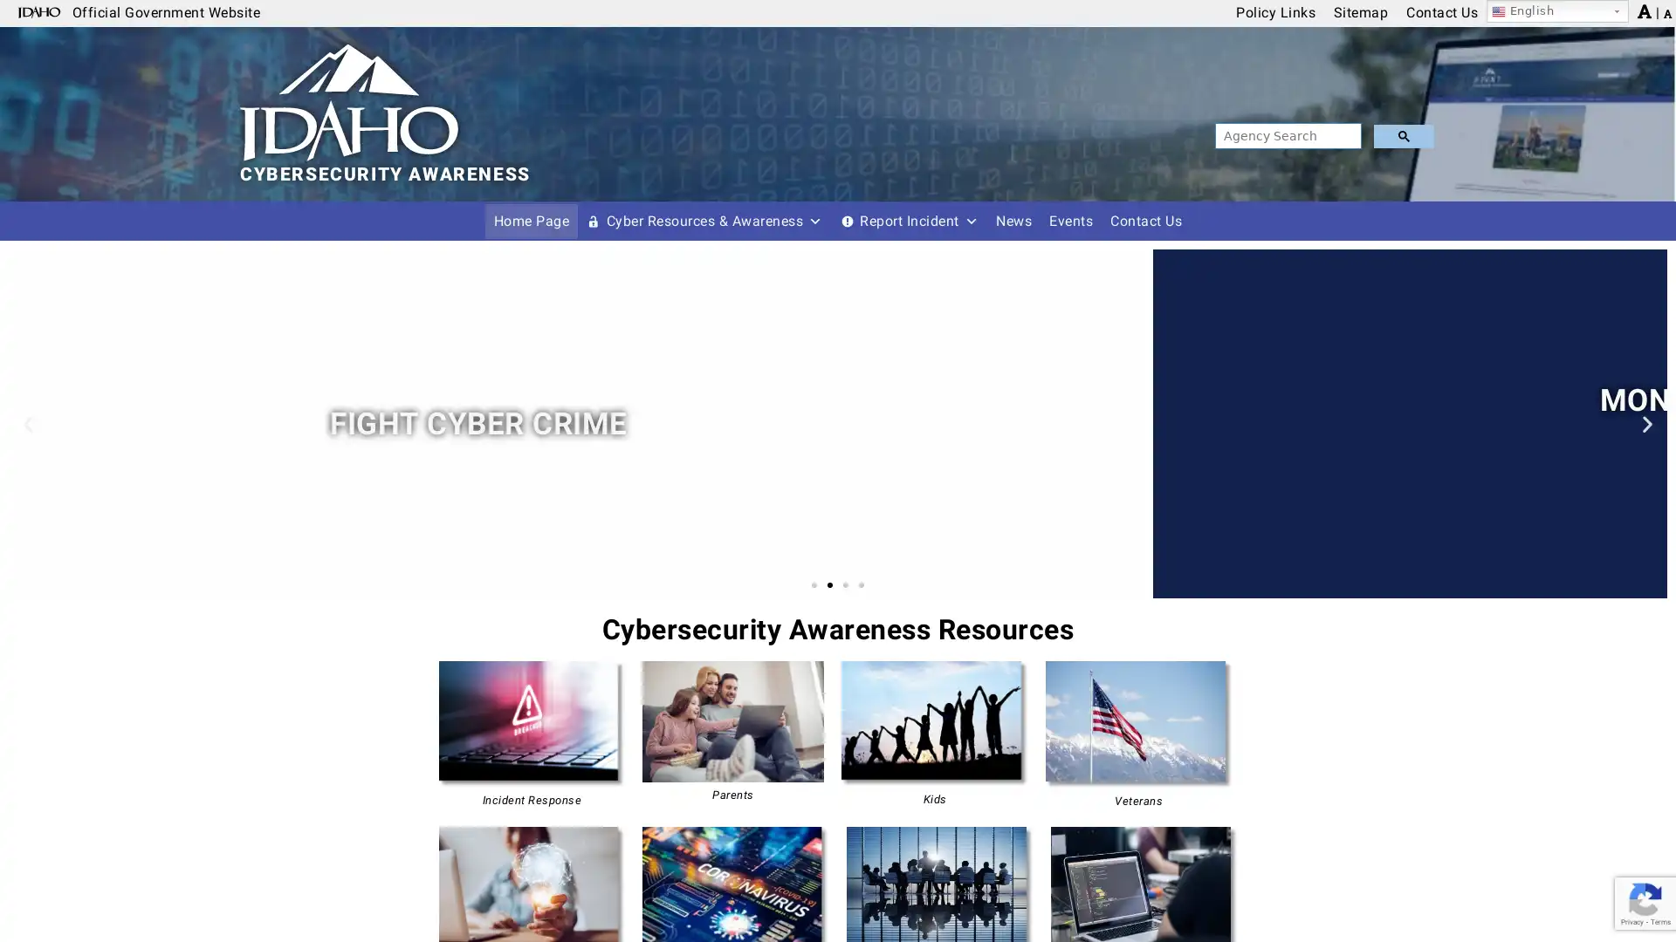  What do you see at coordinates (846, 585) in the screenshot?
I see `Go to slide 3` at bounding box center [846, 585].